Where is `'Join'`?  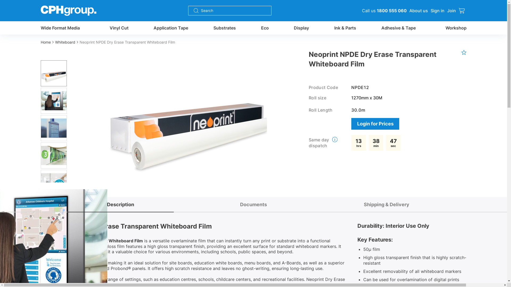
'Join' is located at coordinates (451, 10).